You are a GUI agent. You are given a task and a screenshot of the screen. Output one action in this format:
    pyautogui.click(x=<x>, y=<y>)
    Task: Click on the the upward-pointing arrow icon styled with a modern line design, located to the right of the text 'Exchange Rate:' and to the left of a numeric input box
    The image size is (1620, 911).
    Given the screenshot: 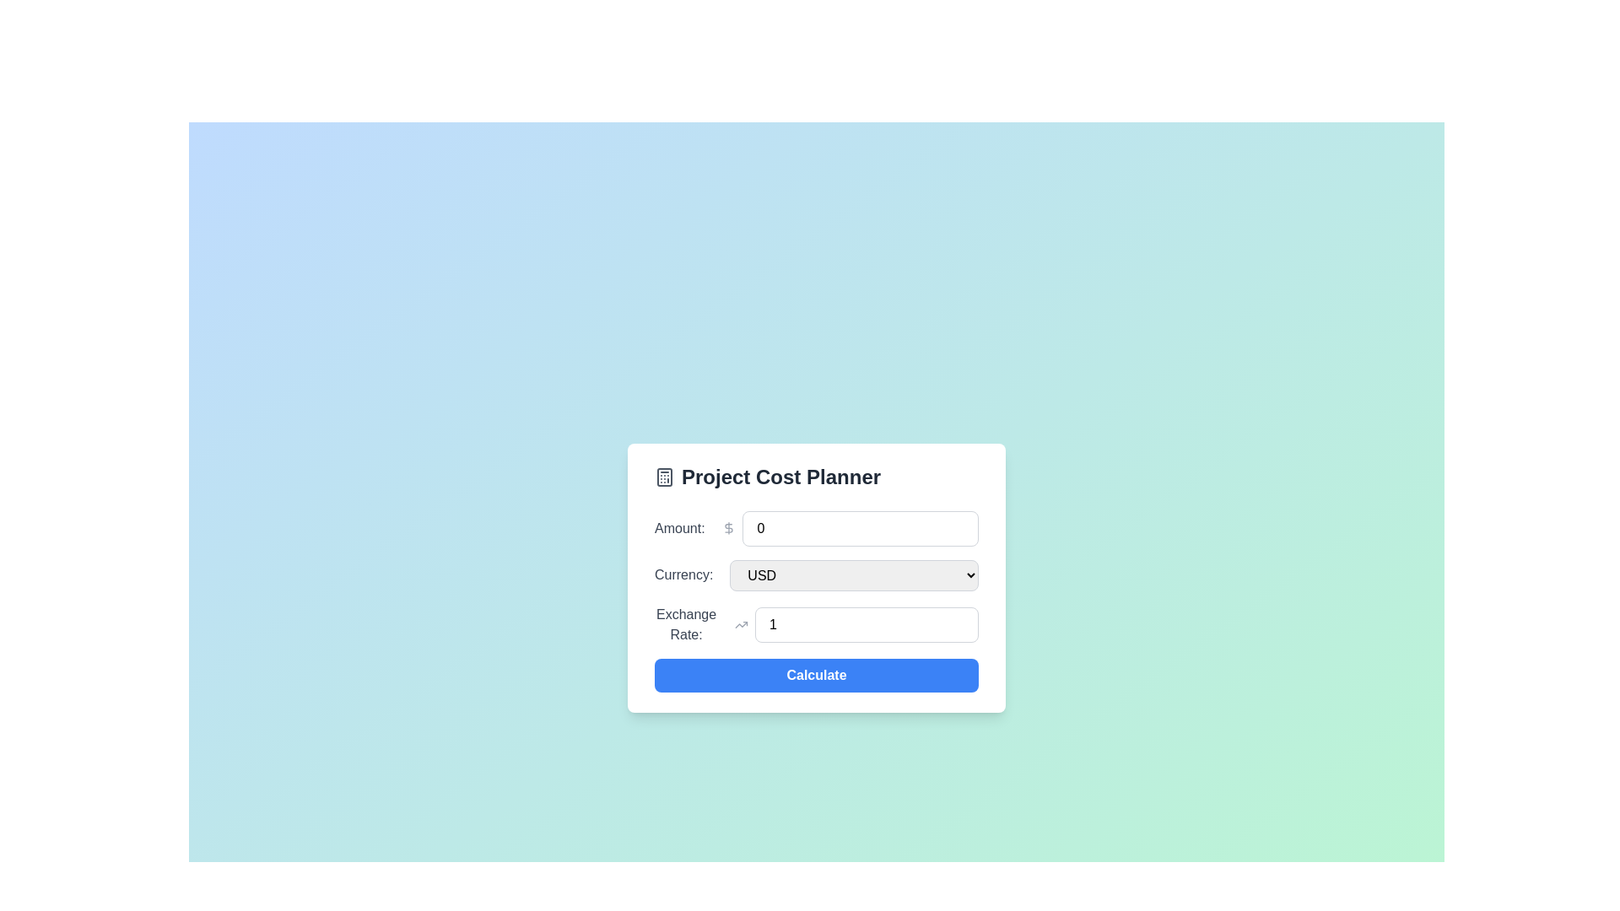 What is the action you would take?
    pyautogui.click(x=742, y=624)
    